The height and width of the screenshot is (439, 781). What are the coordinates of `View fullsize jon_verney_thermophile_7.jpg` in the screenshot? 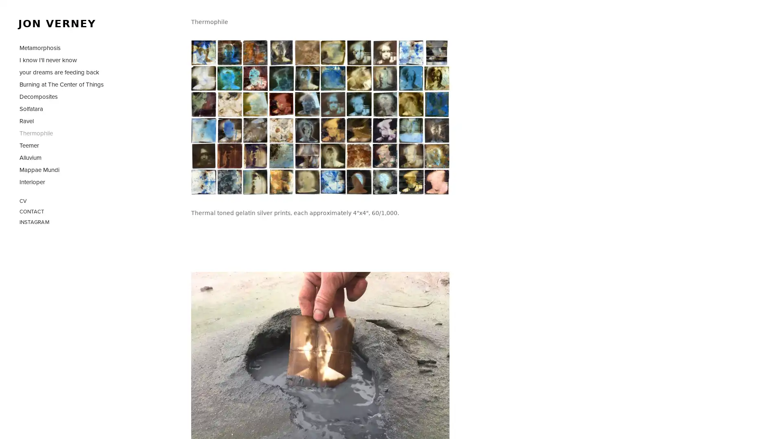 It's located at (436, 103).